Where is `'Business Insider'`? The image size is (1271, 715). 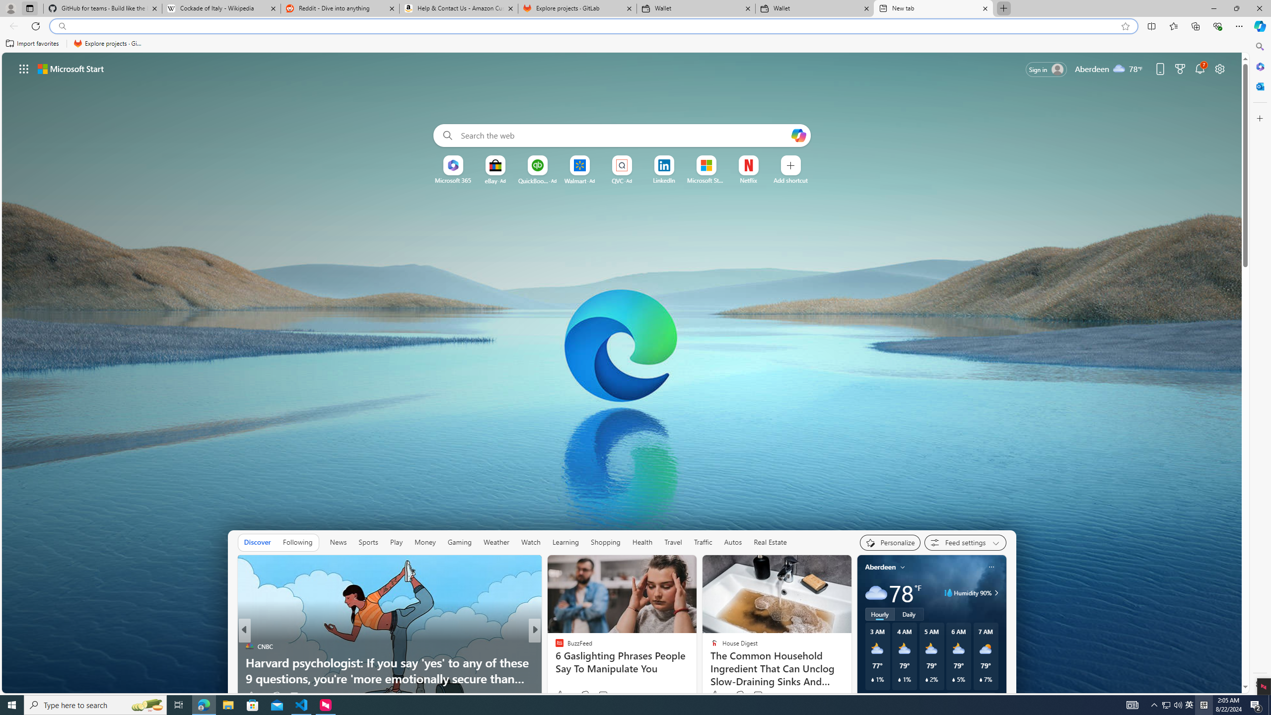
'Business Insider' is located at coordinates (555, 646).